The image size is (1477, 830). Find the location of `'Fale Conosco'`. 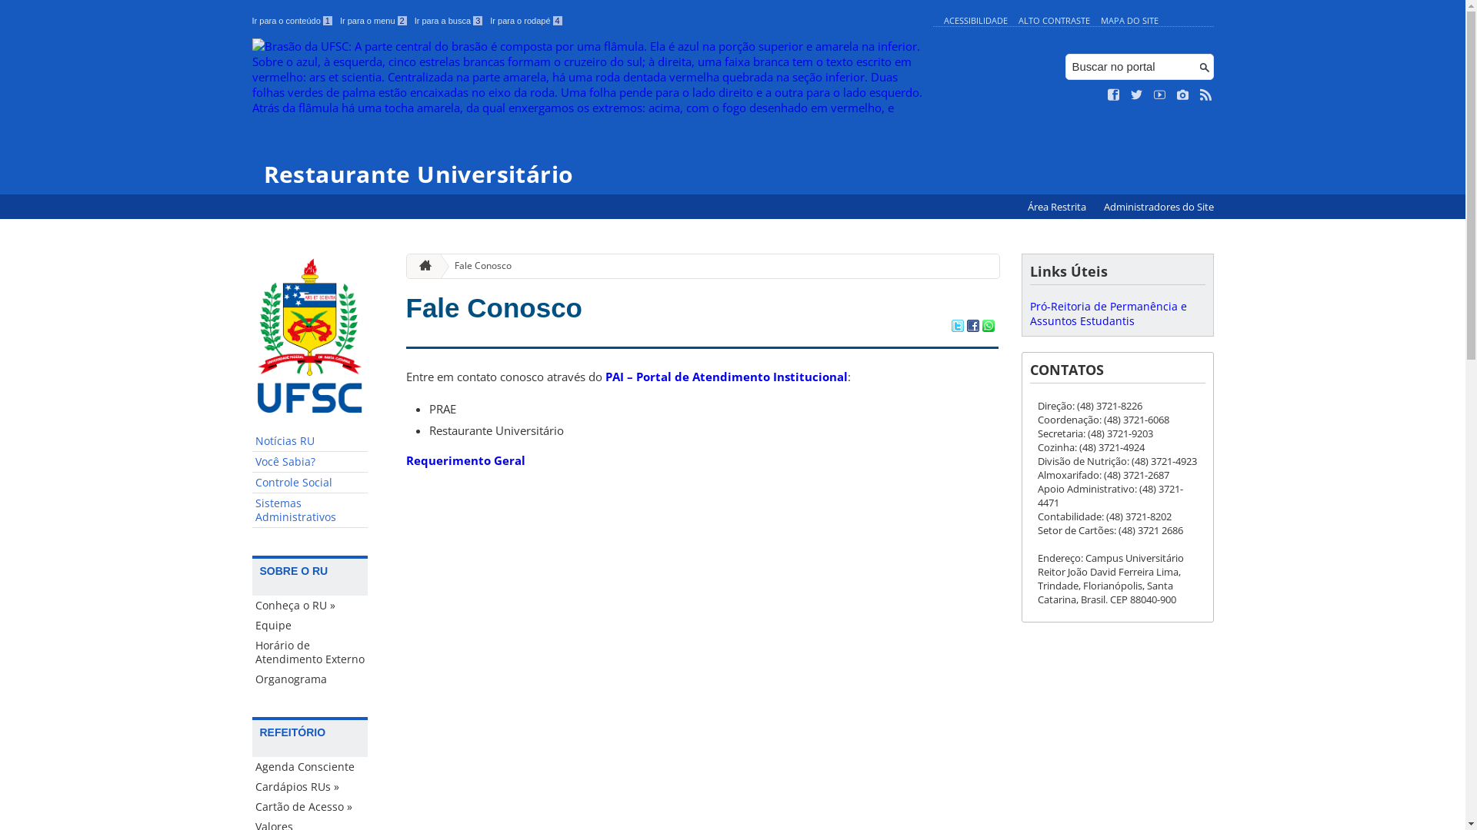

'Fale Conosco' is located at coordinates (475, 265).